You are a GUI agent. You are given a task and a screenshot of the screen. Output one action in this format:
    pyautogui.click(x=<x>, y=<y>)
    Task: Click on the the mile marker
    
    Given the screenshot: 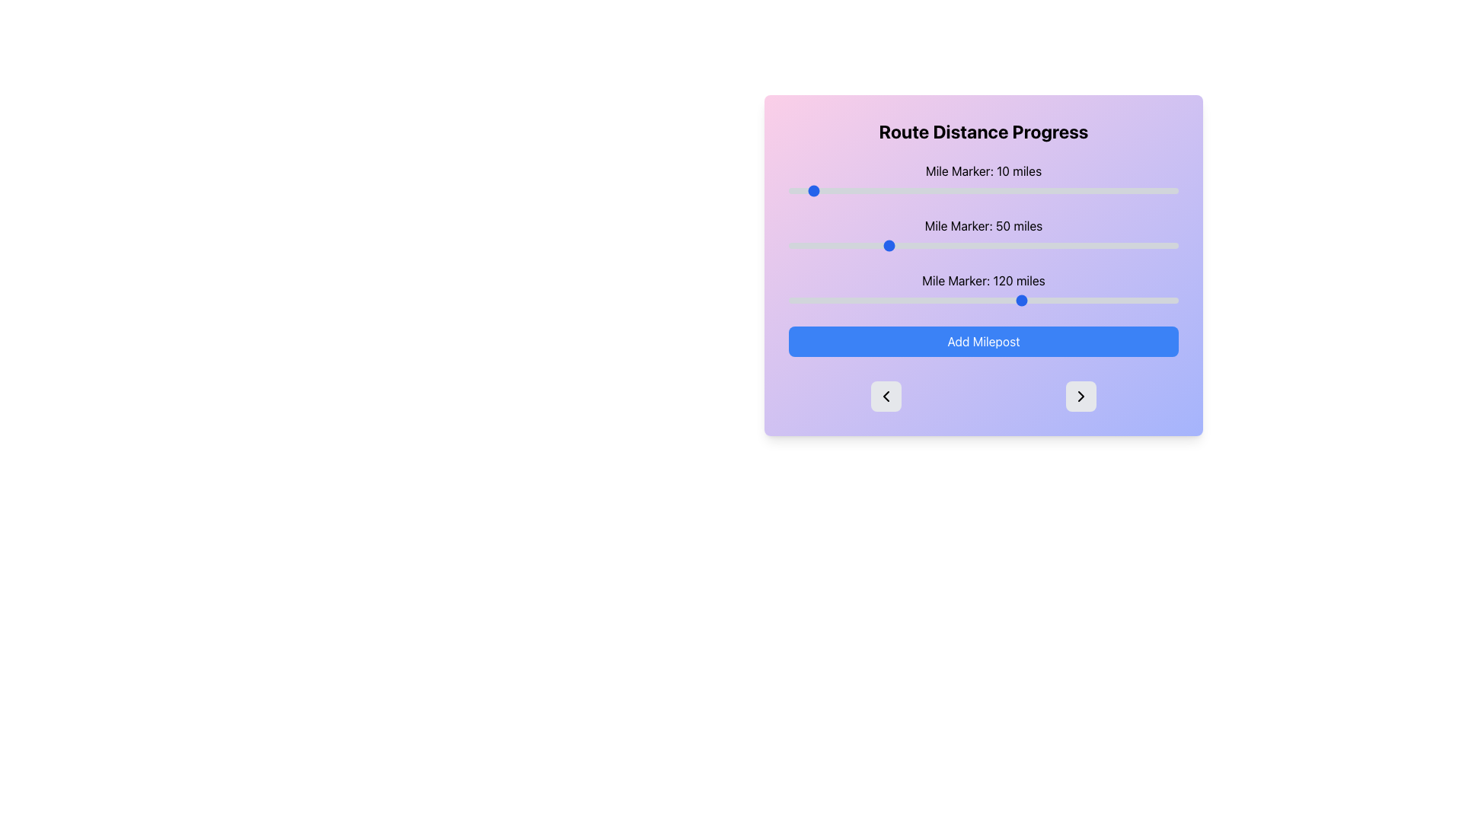 What is the action you would take?
    pyautogui.click(x=1092, y=245)
    